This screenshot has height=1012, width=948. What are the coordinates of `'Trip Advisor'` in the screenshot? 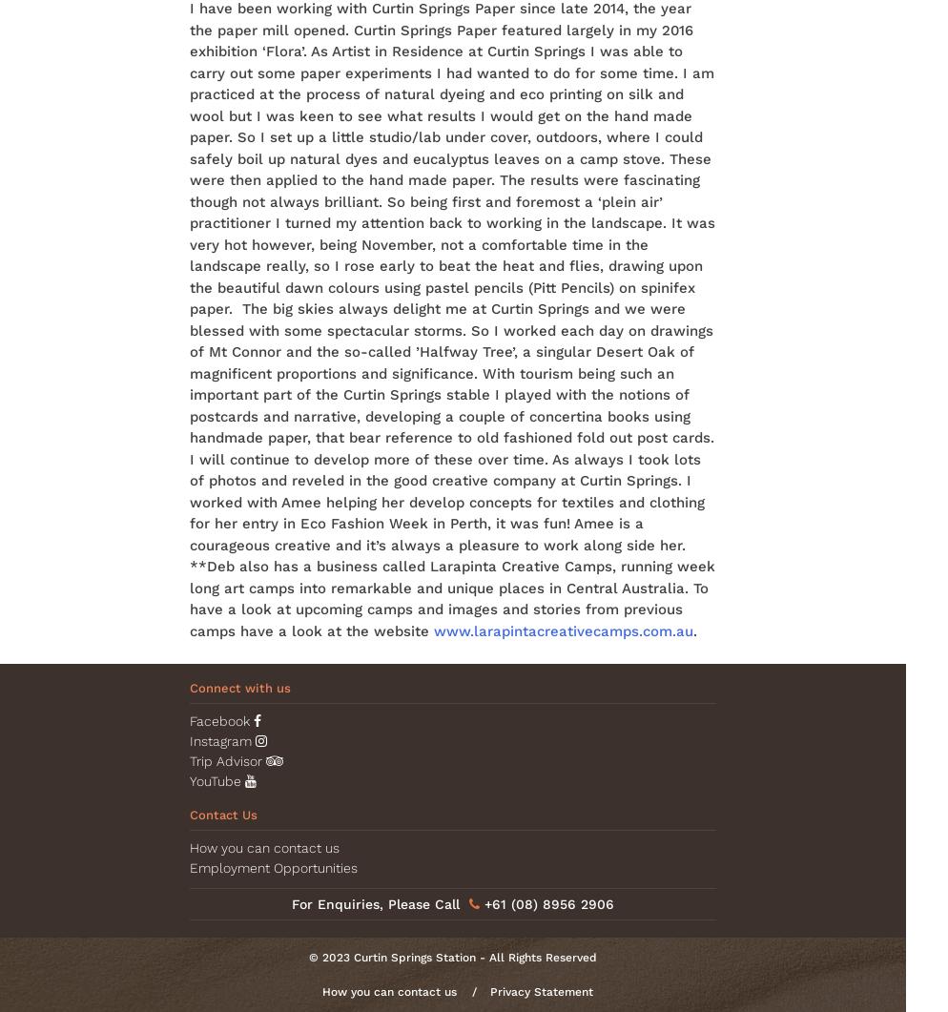 It's located at (227, 760).